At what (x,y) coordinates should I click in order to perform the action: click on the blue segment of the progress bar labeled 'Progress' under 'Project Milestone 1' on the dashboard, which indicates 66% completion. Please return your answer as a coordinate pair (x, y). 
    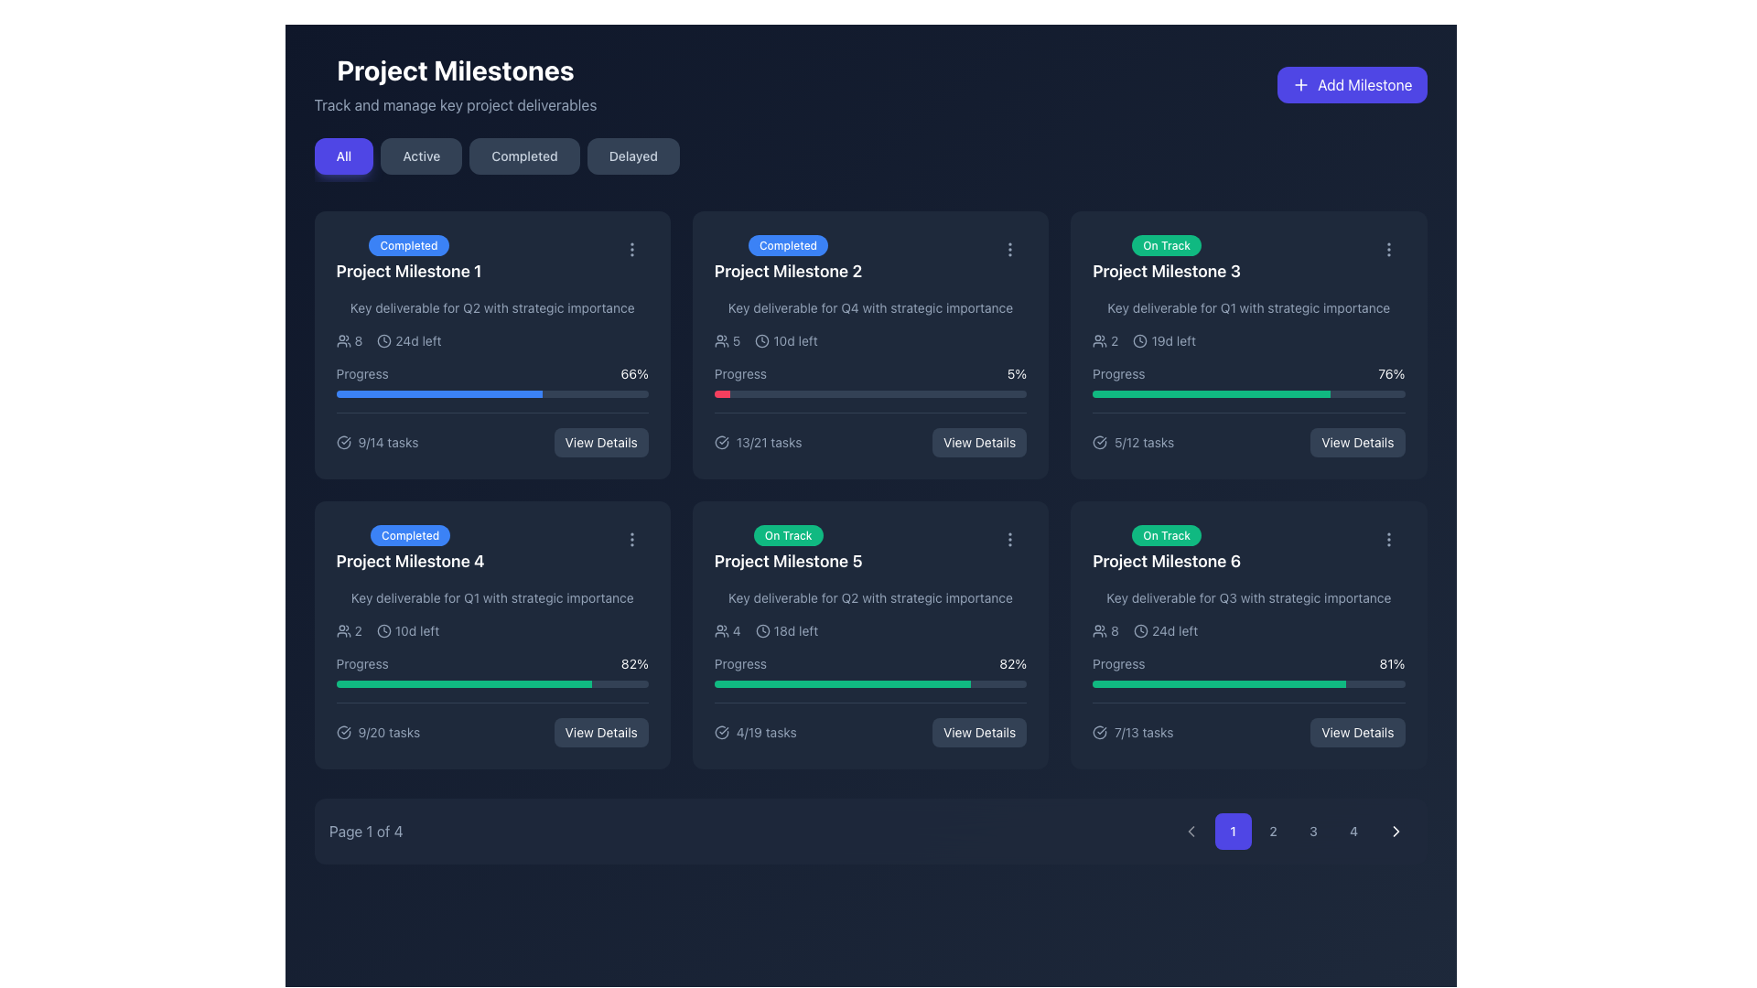
    Looking at the image, I should click on (439, 393).